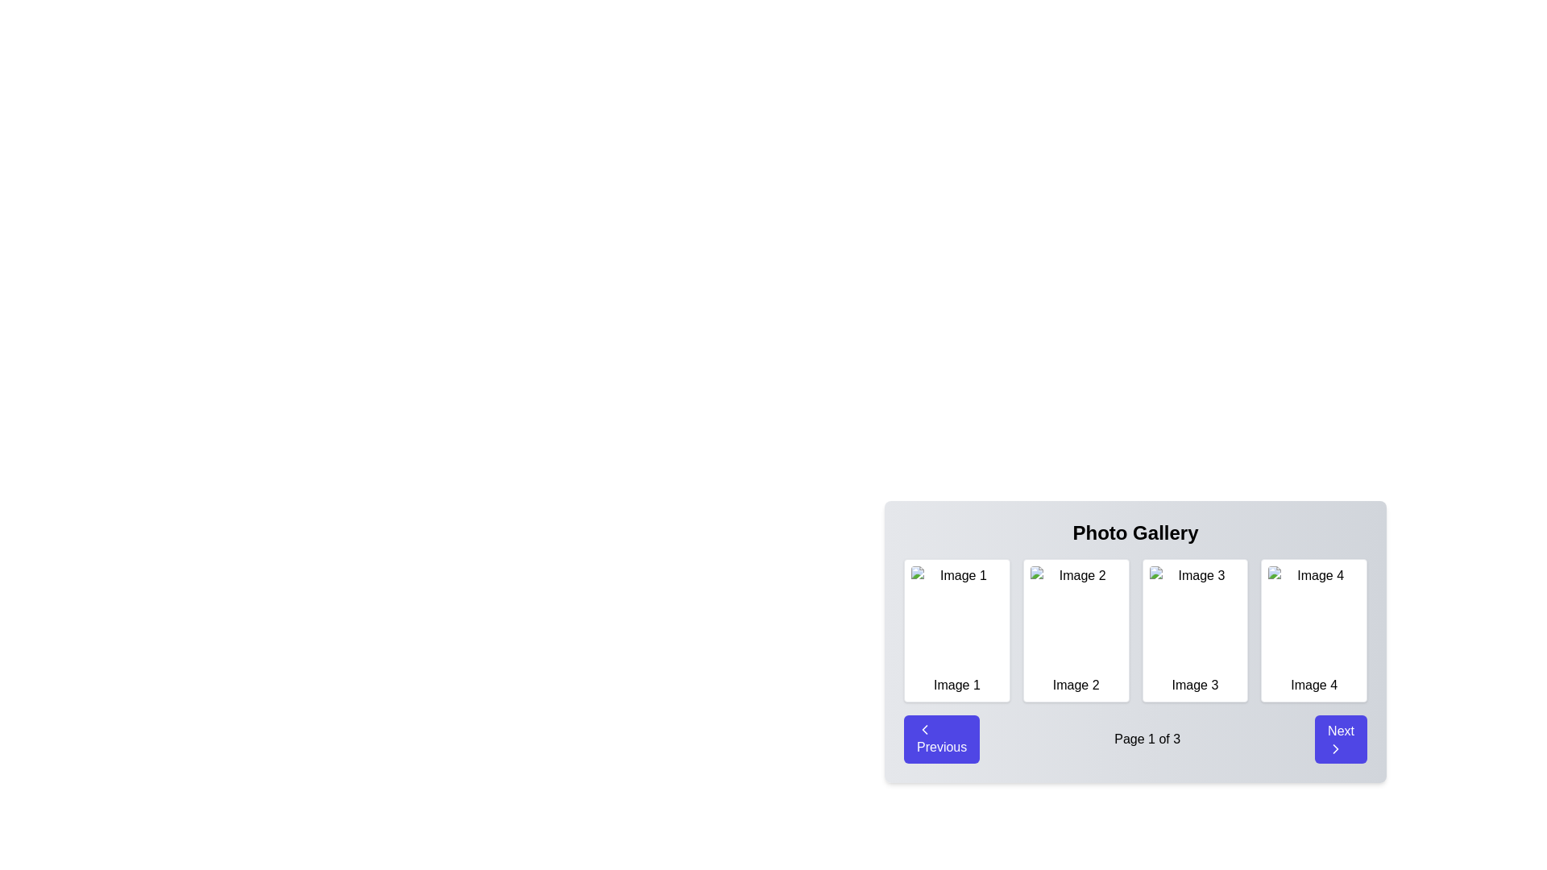  What do you see at coordinates (1076, 617) in the screenshot?
I see `the placeholder image labeled 'Image 2'` at bounding box center [1076, 617].